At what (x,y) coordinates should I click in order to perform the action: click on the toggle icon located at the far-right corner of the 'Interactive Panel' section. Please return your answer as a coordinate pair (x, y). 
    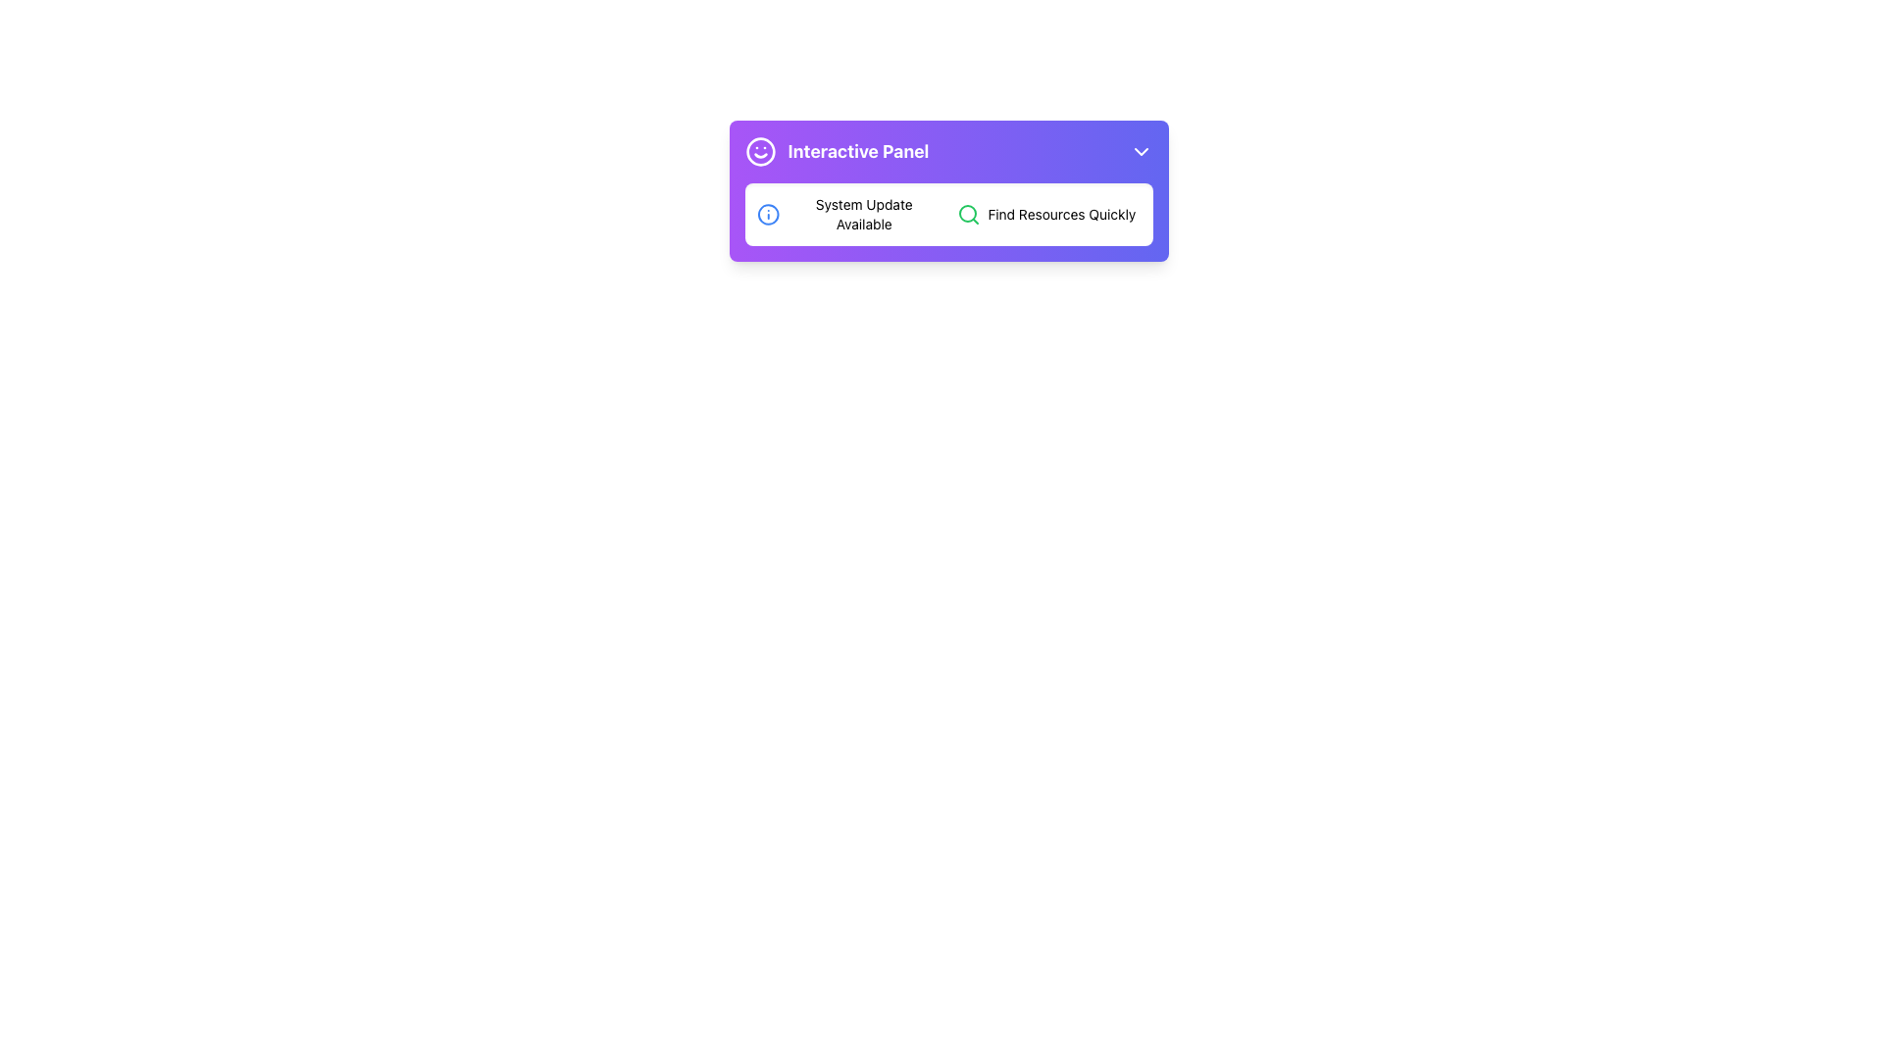
    Looking at the image, I should click on (1141, 150).